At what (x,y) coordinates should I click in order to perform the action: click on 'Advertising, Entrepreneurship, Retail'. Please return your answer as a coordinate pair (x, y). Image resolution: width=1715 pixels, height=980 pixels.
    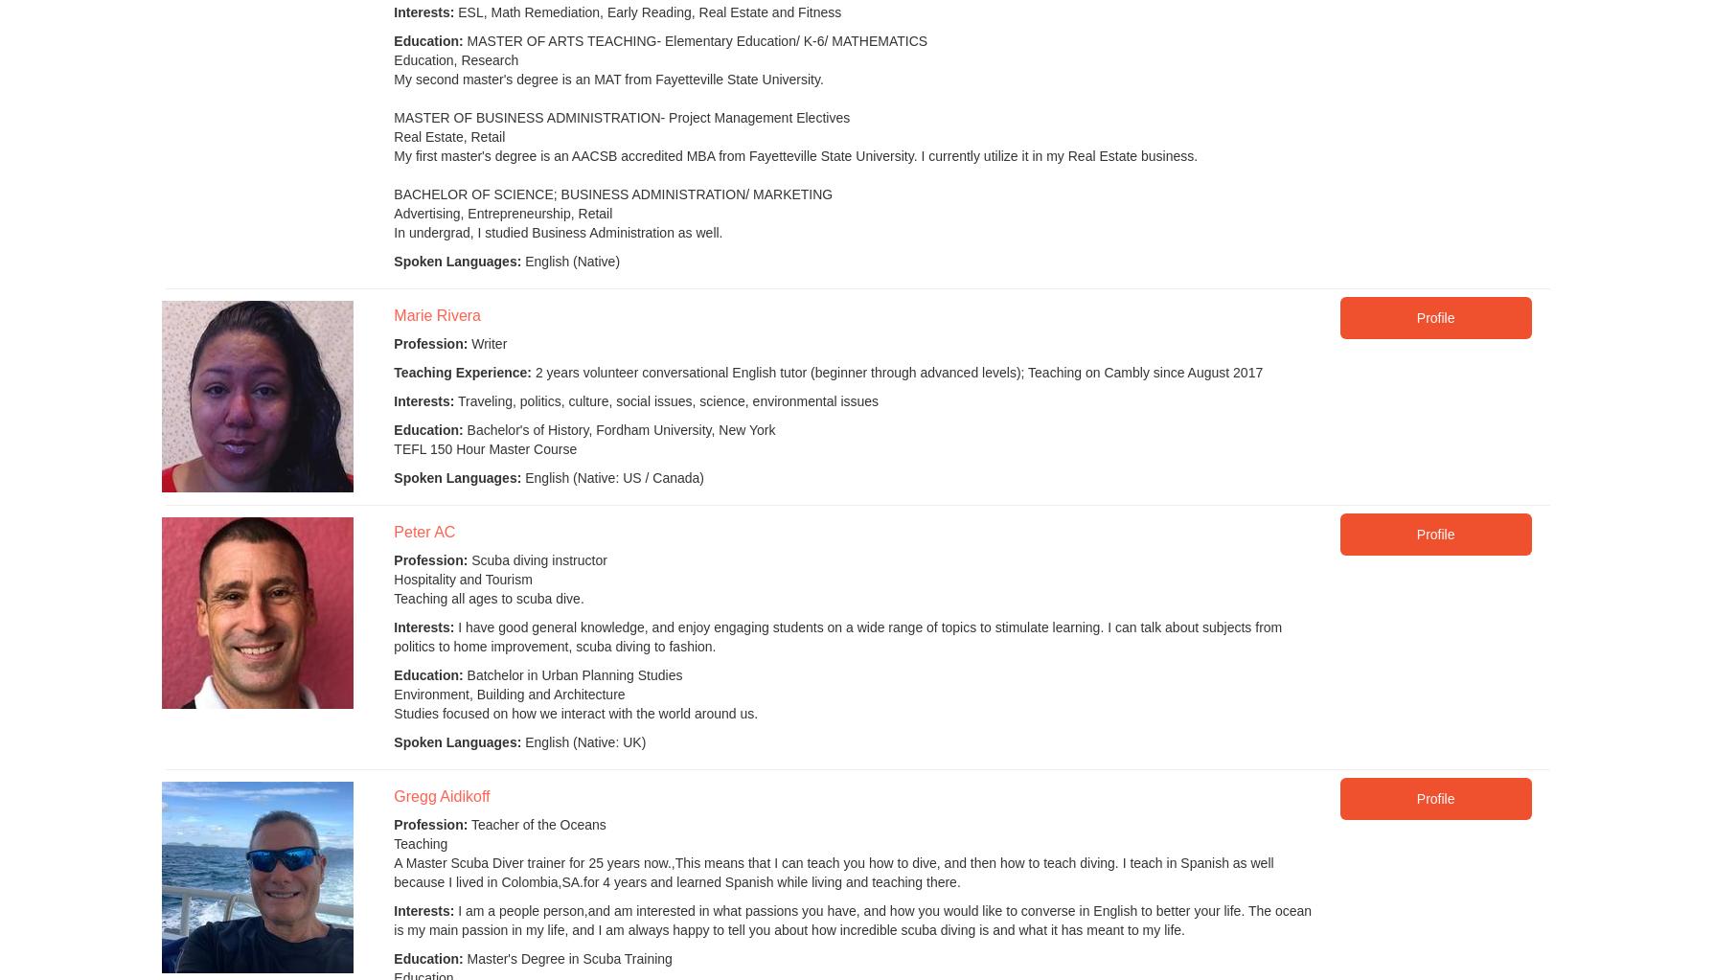
    Looking at the image, I should click on (502, 211).